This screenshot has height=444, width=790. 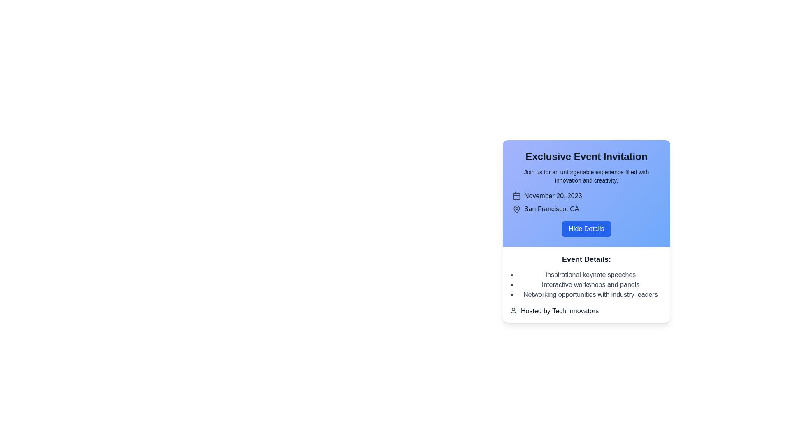 What do you see at coordinates (586, 231) in the screenshot?
I see `the 'Hide Details' button with a blue background and white text located in the middle section of the event invitation card` at bounding box center [586, 231].